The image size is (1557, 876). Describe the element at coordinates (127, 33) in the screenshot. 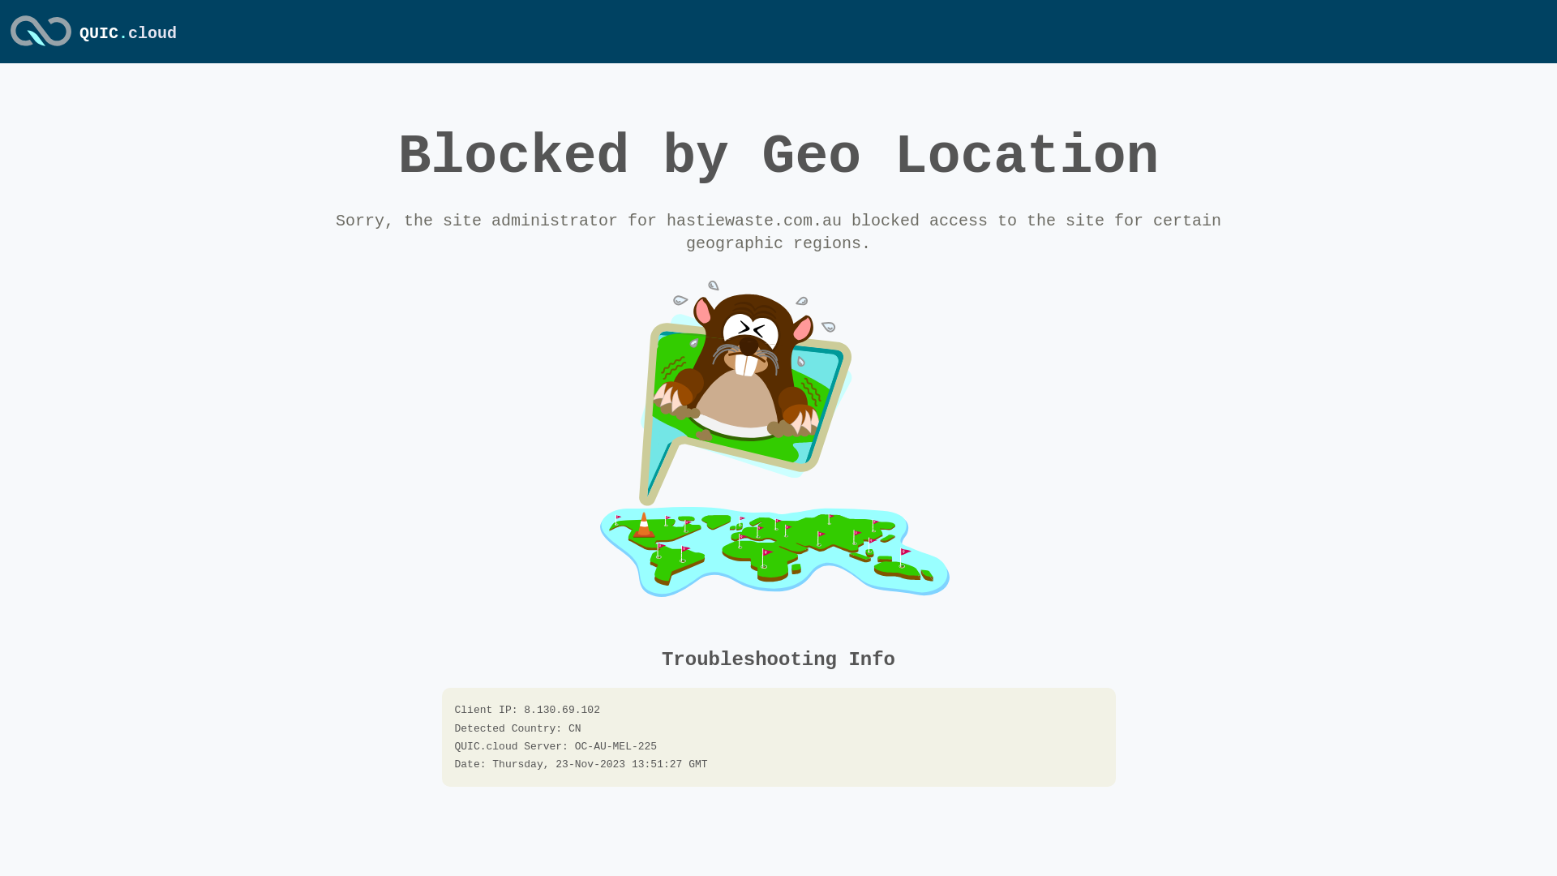

I see `'QUIC.cloud'` at that location.